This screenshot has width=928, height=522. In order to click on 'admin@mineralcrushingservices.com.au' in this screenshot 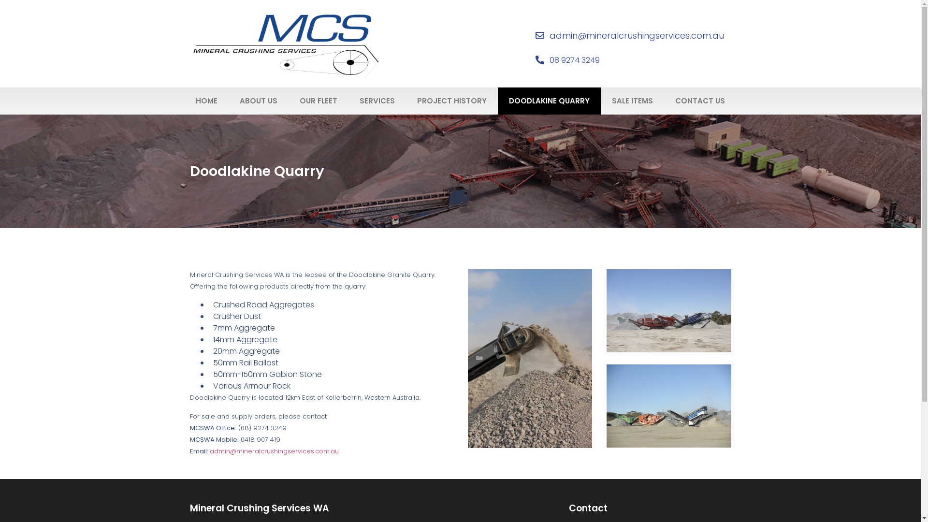, I will do `click(274, 451)`.